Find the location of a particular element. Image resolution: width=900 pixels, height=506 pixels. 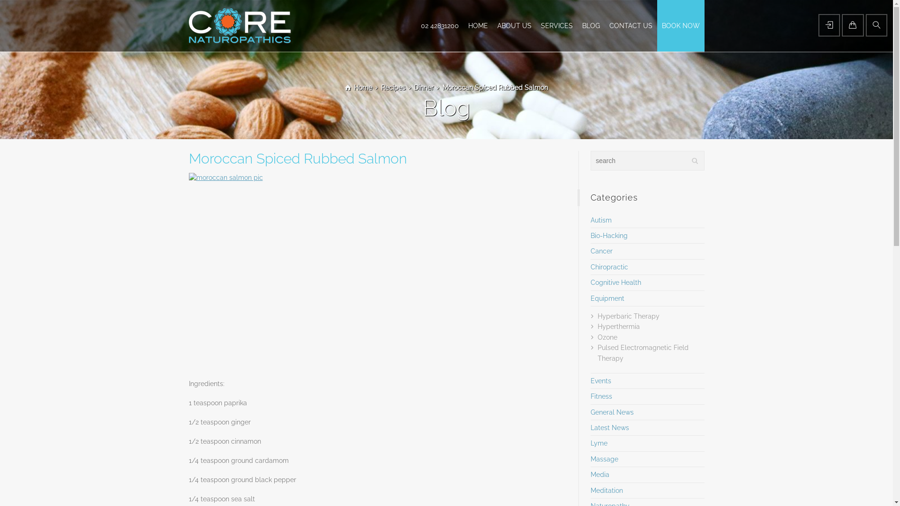

'Cart' is located at coordinates (853, 25).